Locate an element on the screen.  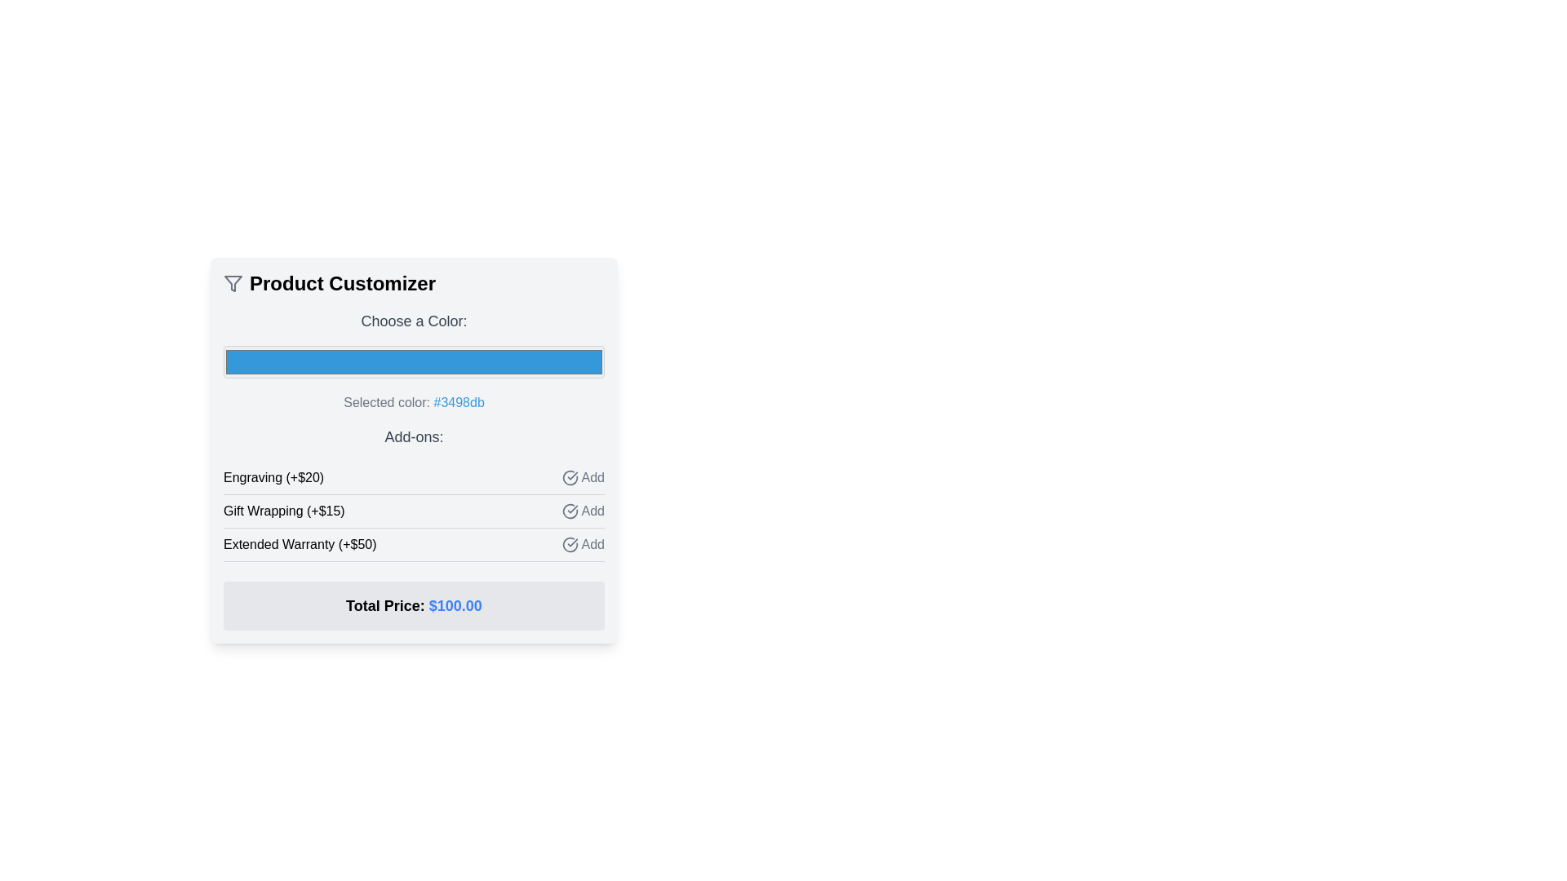
description of the add-on 'Engraving (+$20)' in the optional add-ons section, which is the first item below the 'Choose a Color' section is located at coordinates (414, 477).